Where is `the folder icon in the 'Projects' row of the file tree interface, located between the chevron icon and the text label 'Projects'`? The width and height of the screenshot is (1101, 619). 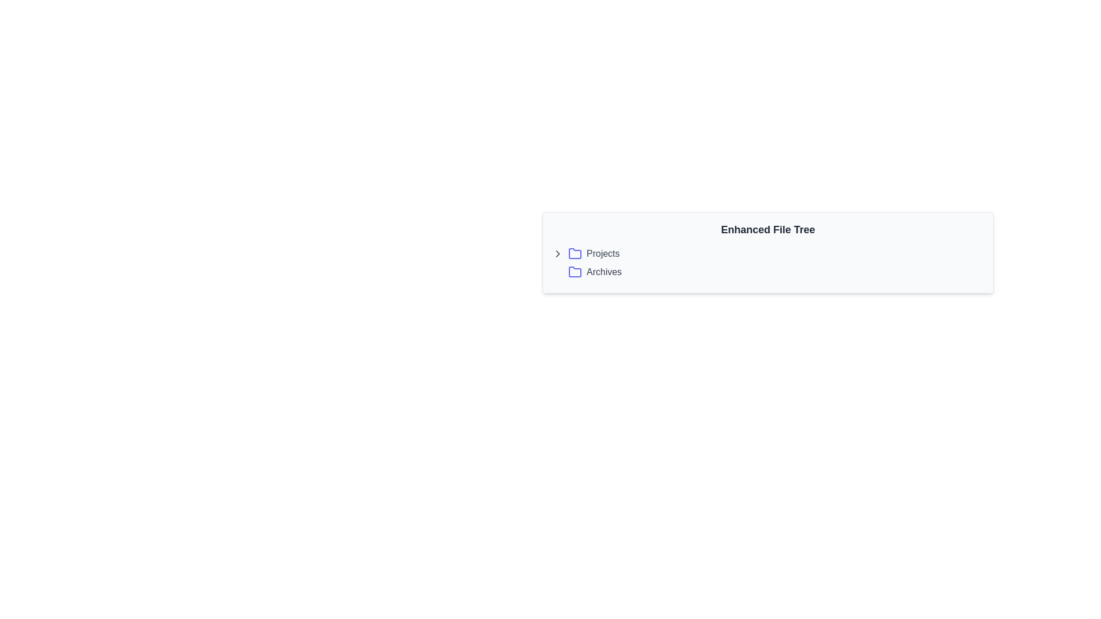 the folder icon in the 'Projects' row of the file tree interface, located between the chevron icon and the text label 'Projects' is located at coordinates (575, 253).